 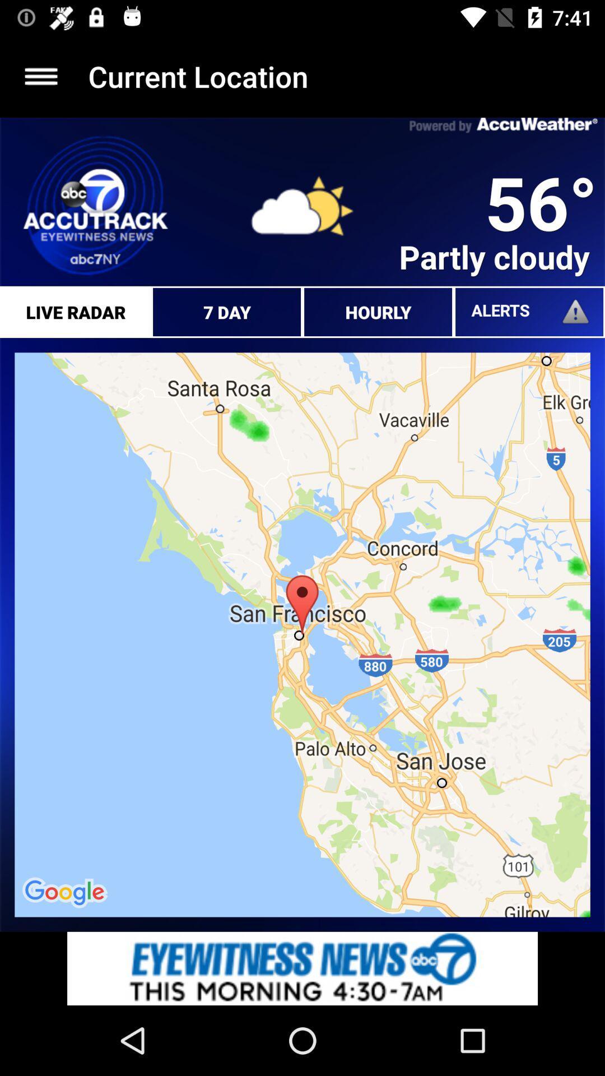 What do you see at coordinates (40, 76) in the screenshot?
I see `the menu icon` at bounding box center [40, 76].